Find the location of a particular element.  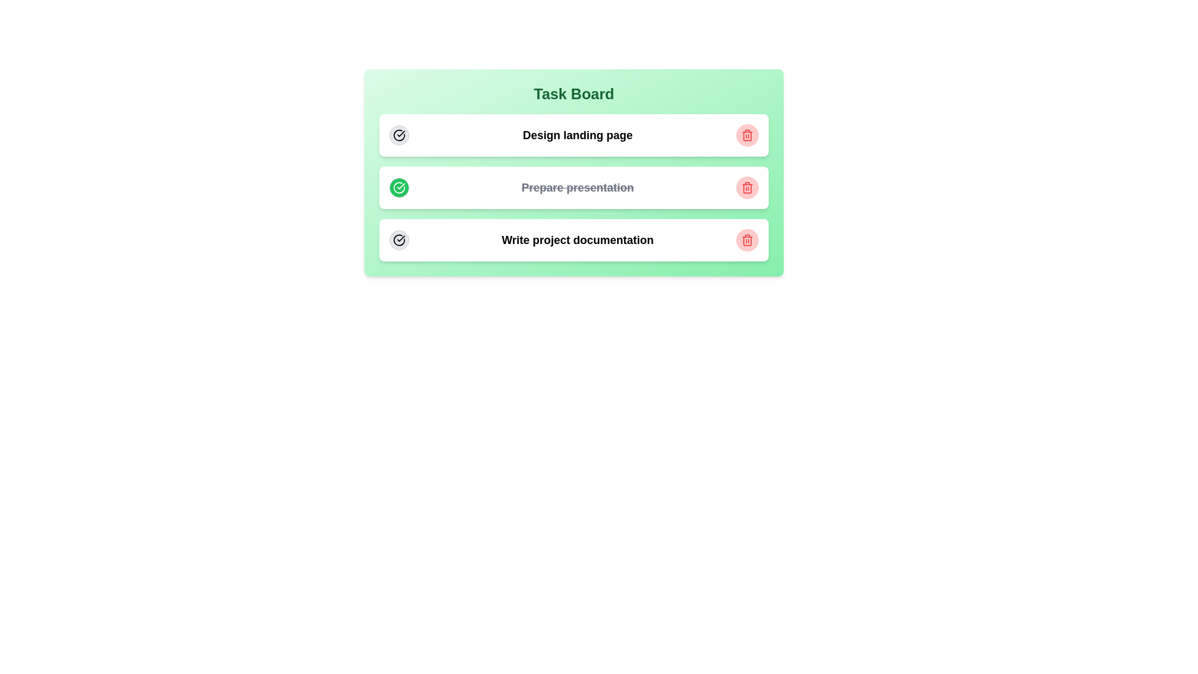

completion button for the task titled 'Prepare presentation' is located at coordinates (398, 187).